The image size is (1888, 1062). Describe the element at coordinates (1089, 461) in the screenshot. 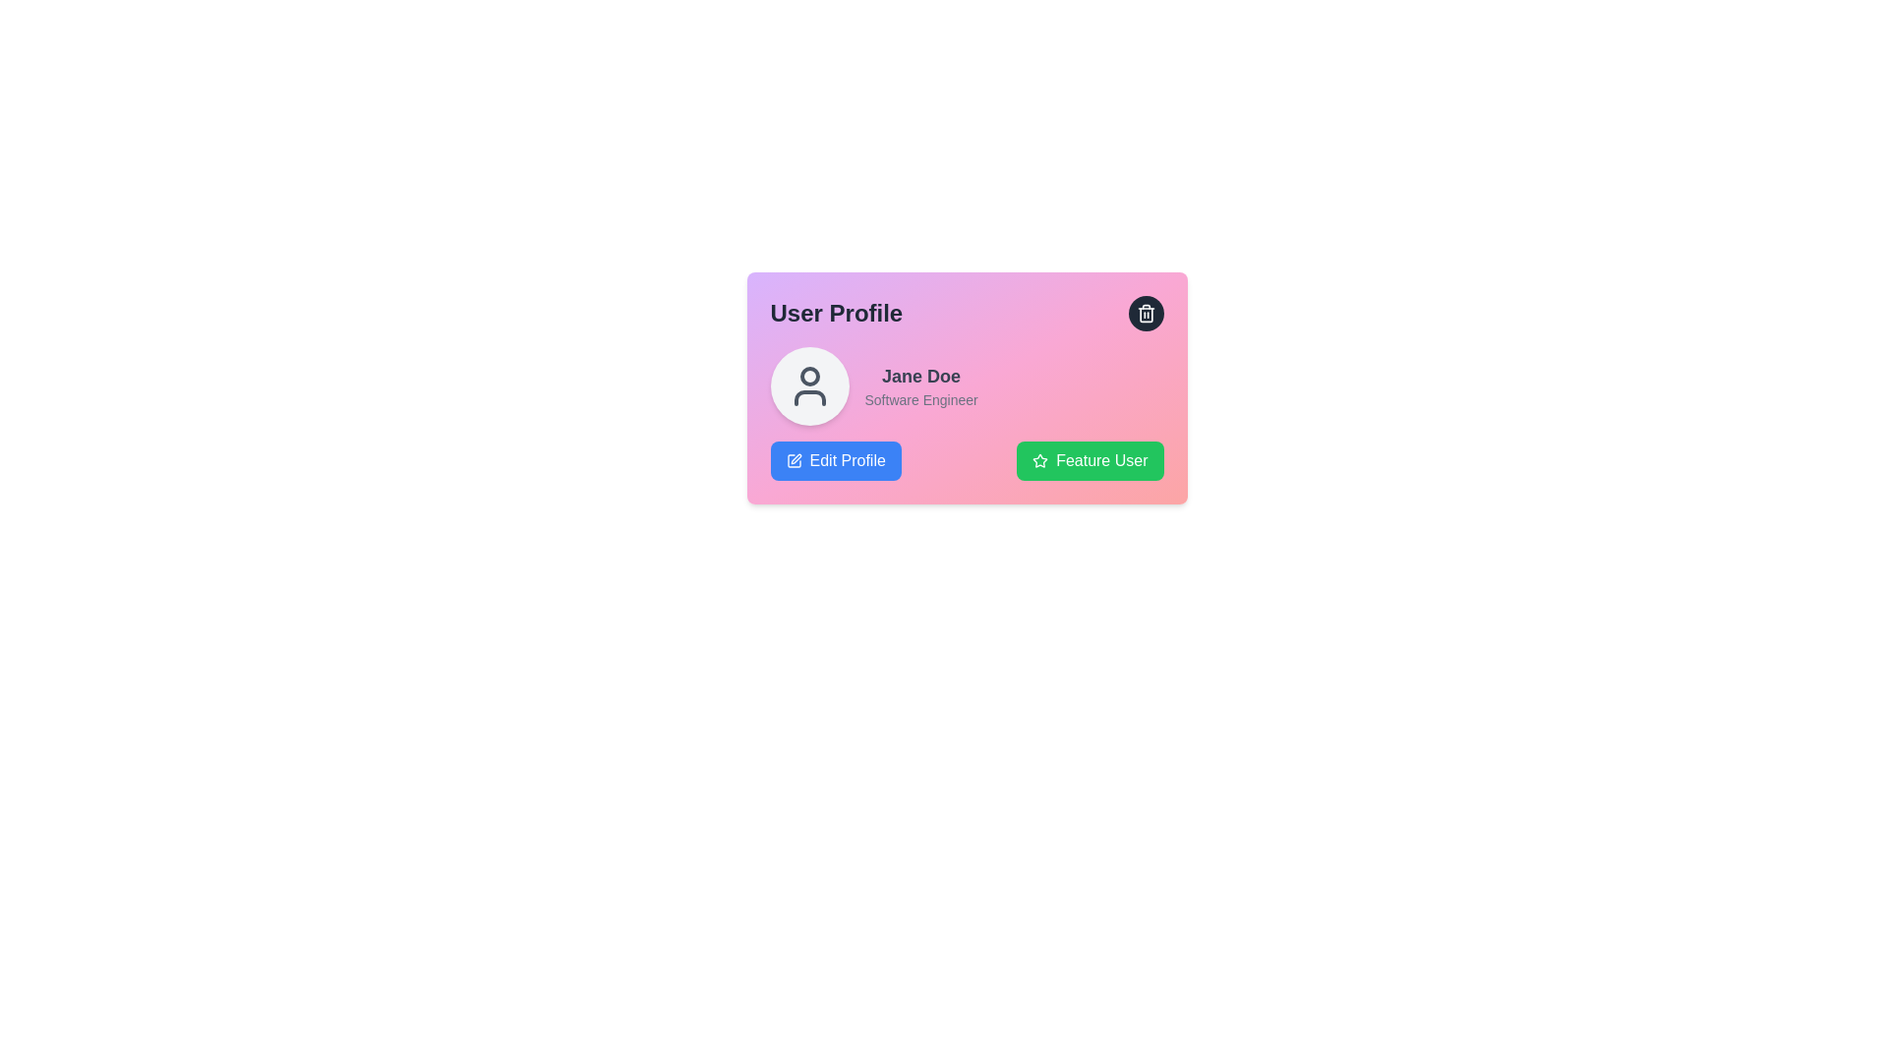

I see `the green button labeled 'Feature User'` at that location.